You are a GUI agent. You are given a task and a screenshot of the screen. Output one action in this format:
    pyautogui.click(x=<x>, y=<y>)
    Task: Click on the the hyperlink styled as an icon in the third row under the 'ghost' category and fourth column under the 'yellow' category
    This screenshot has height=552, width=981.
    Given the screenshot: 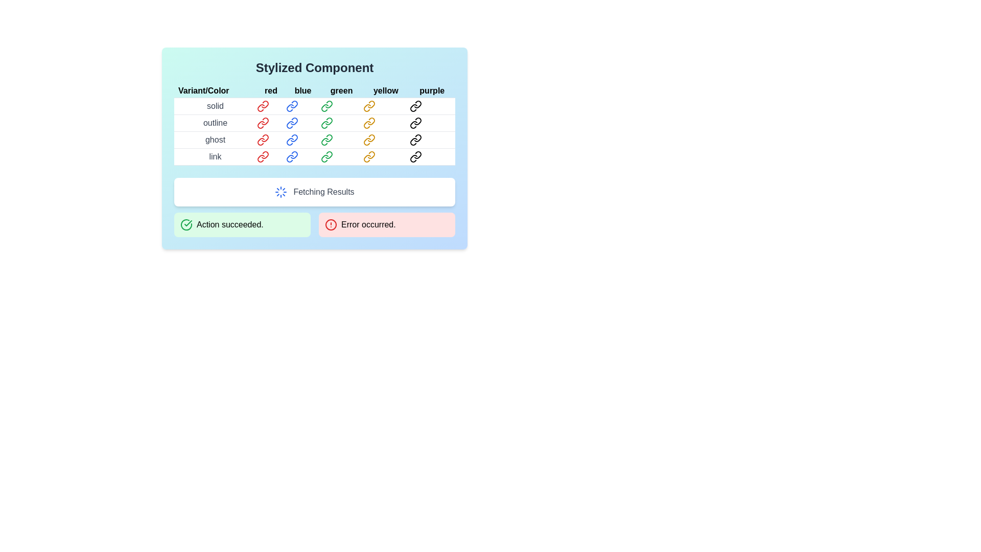 What is the action you would take?
    pyautogui.click(x=369, y=140)
    